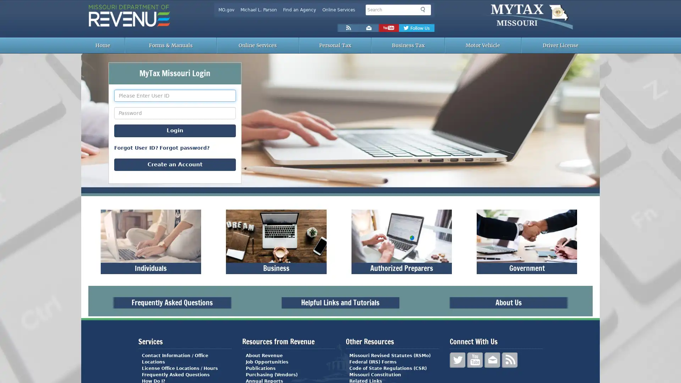 The height and width of the screenshot is (383, 681). Describe the element at coordinates (175, 131) in the screenshot. I see `Login` at that location.